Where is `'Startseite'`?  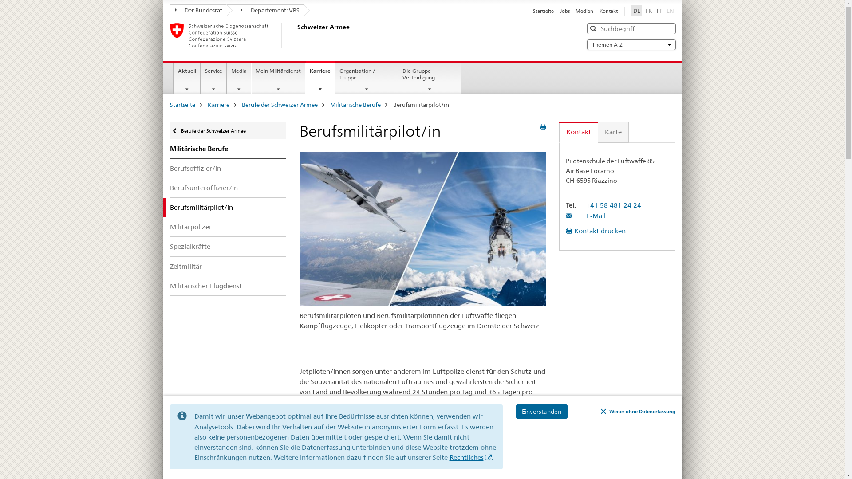
'Startseite' is located at coordinates (181, 104).